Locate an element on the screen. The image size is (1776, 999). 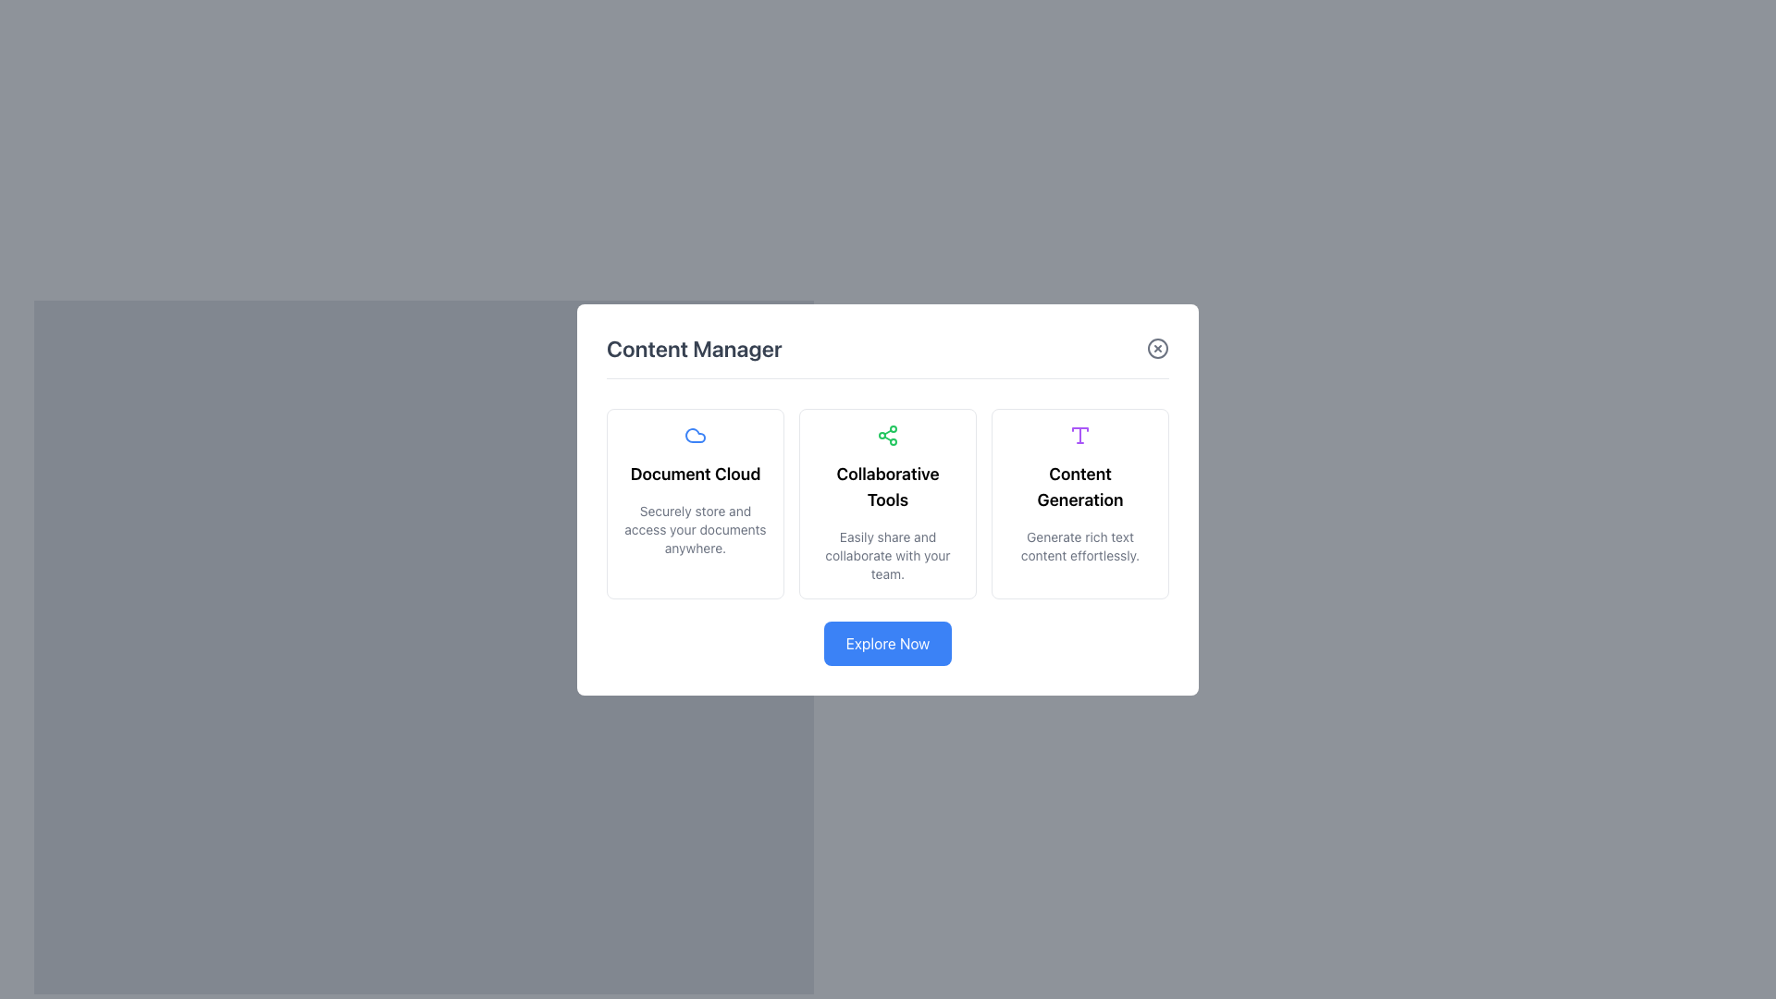
the circular 'close' button with an 'X' icon located in the top-right corner of the 'Content Manager' section to trigger the color change to red is located at coordinates (1157, 348).